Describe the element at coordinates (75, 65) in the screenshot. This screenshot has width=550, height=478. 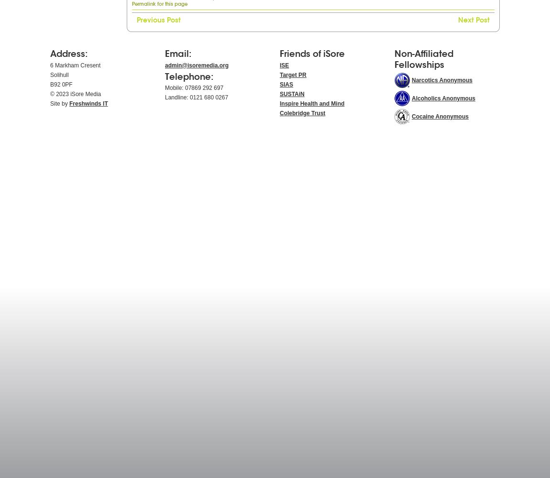
I see `'6 Markham Cresent'` at that location.